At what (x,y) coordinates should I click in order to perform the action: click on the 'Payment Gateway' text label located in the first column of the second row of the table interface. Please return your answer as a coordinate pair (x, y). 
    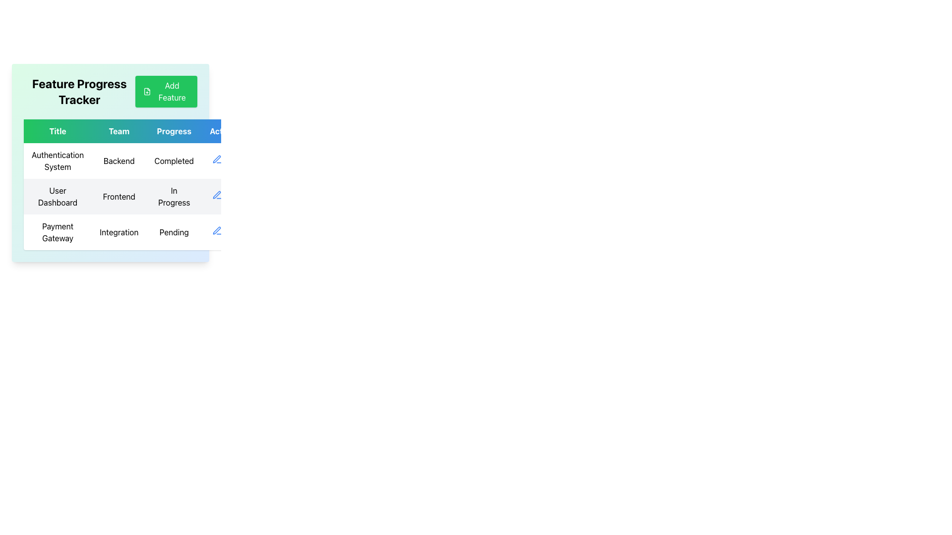
    Looking at the image, I should click on (57, 232).